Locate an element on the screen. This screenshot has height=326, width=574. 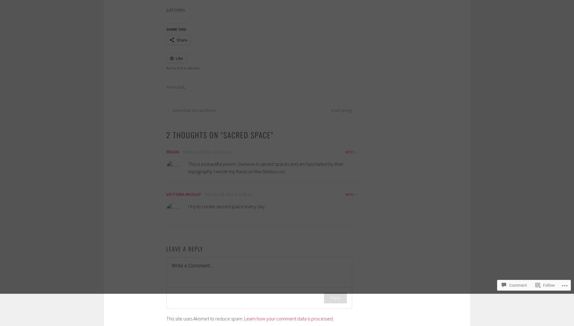
'Follow' is located at coordinates (549, 285).